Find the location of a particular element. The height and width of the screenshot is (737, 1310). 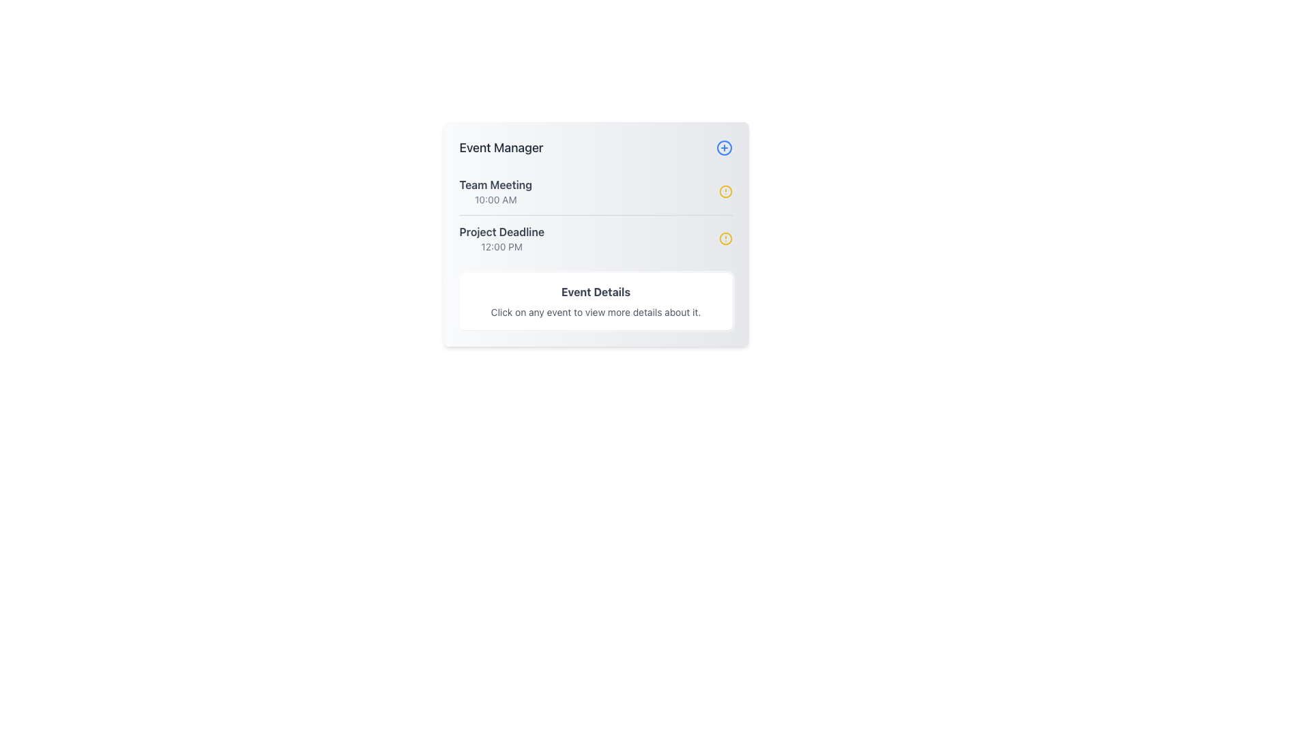

the 'Team Meeting' event item in the Event Manager is located at coordinates (596, 192).